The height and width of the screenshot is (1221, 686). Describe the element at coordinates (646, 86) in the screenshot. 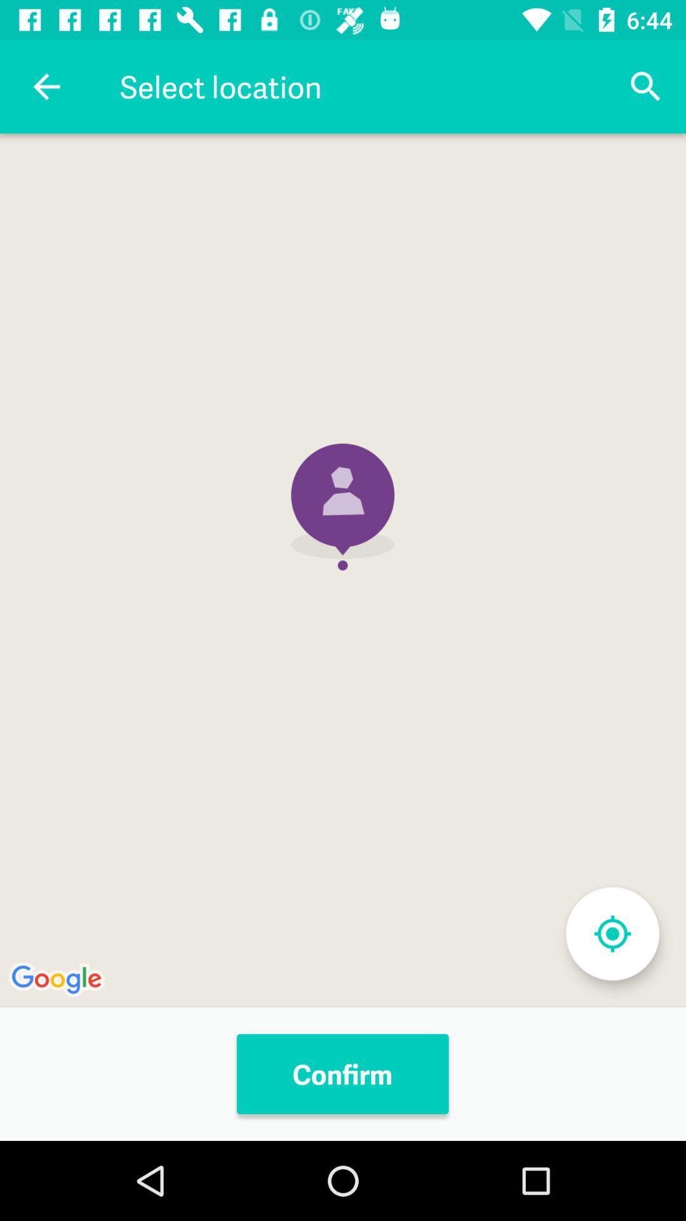

I see `icon at the top right corner` at that location.